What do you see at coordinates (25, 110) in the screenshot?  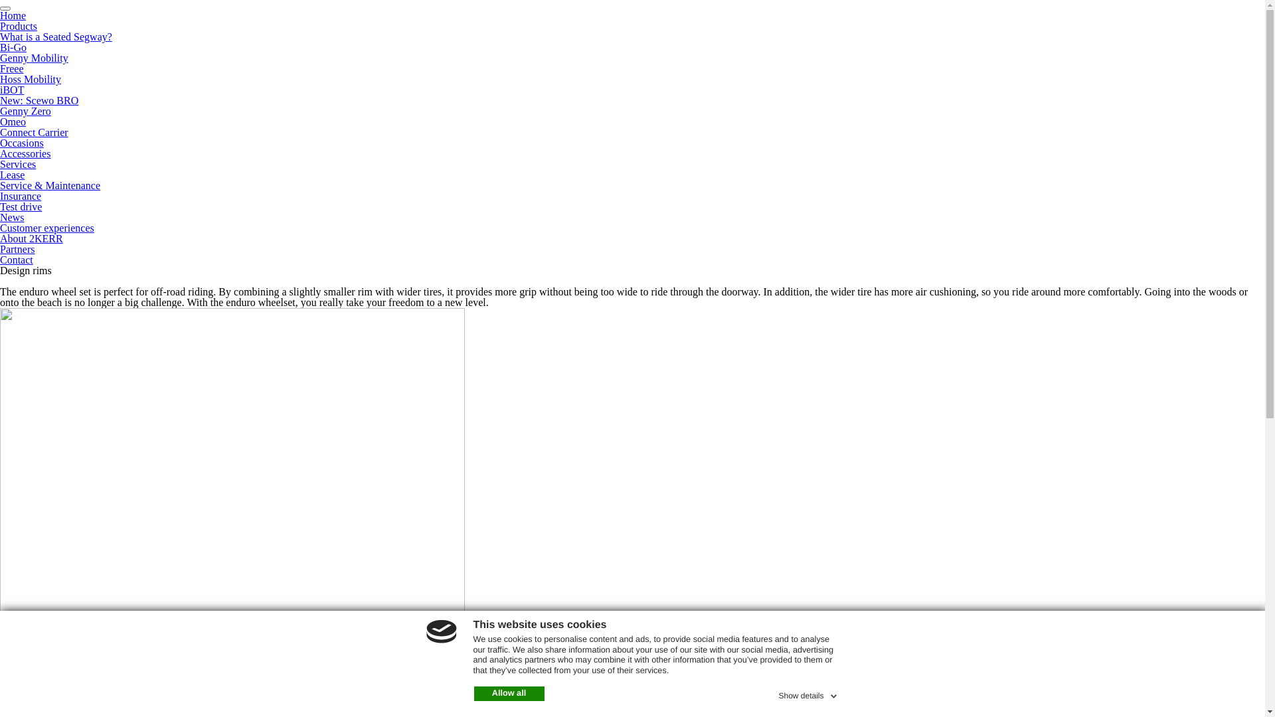 I see `'Genny Zero'` at bounding box center [25, 110].